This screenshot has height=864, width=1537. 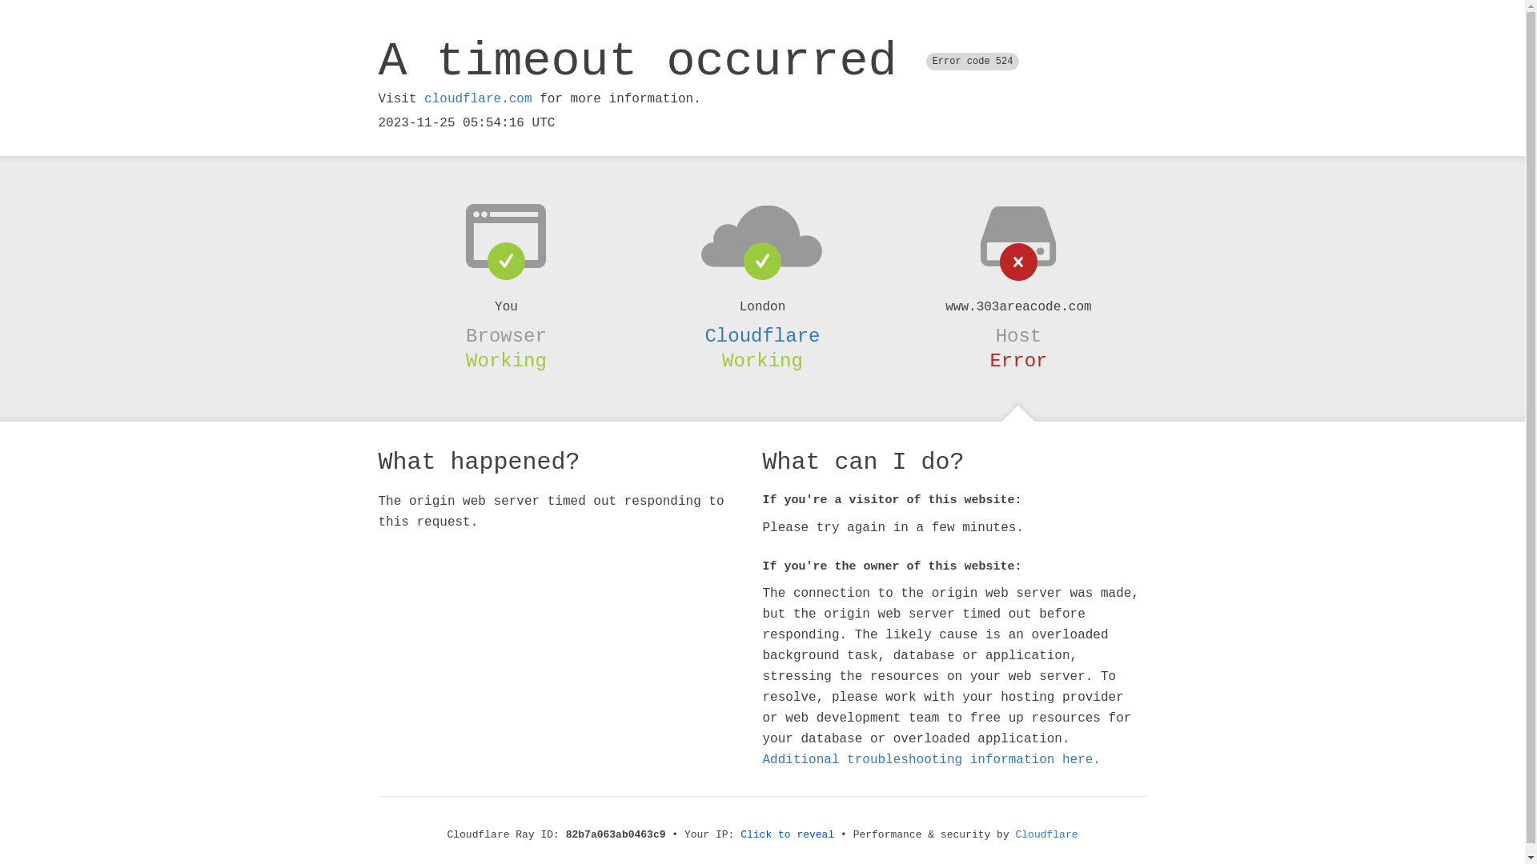 What do you see at coordinates (787, 834) in the screenshot?
I see `'Click to reveal'` at bounding box center [787, 834].